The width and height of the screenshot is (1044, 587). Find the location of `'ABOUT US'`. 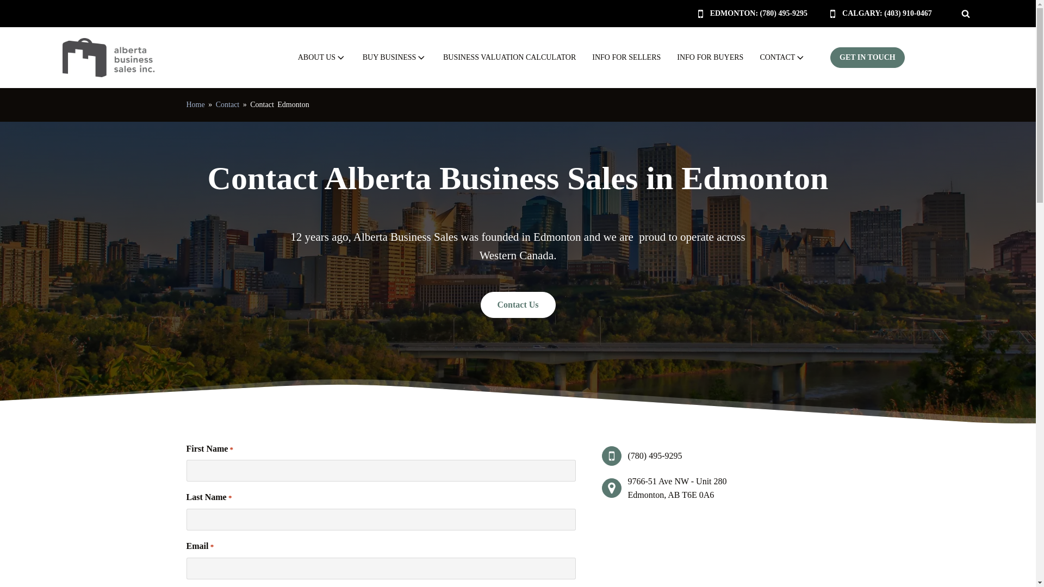

'ABOUT US' is located at coordinates (321, 57).